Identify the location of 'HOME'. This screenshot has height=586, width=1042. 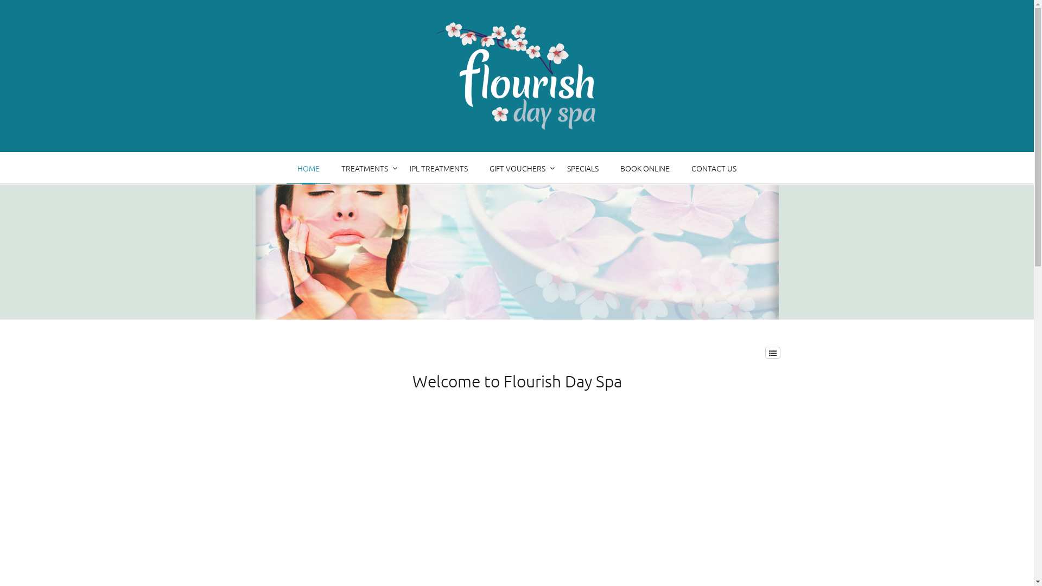
(287, 168).